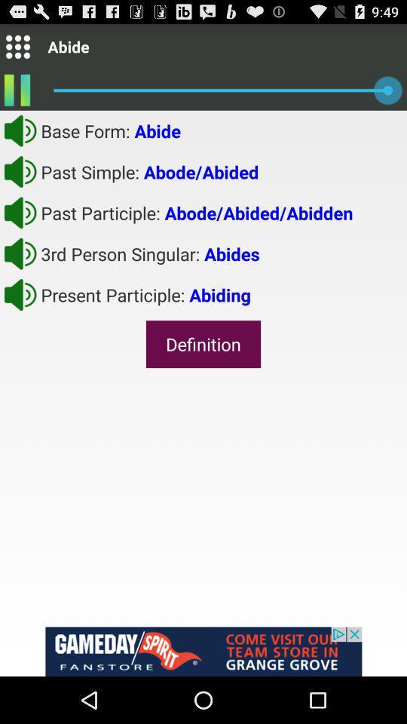 The height and width of the screenshot is (724, 407). I want to click on the dialpad icon, so click(17, 50).